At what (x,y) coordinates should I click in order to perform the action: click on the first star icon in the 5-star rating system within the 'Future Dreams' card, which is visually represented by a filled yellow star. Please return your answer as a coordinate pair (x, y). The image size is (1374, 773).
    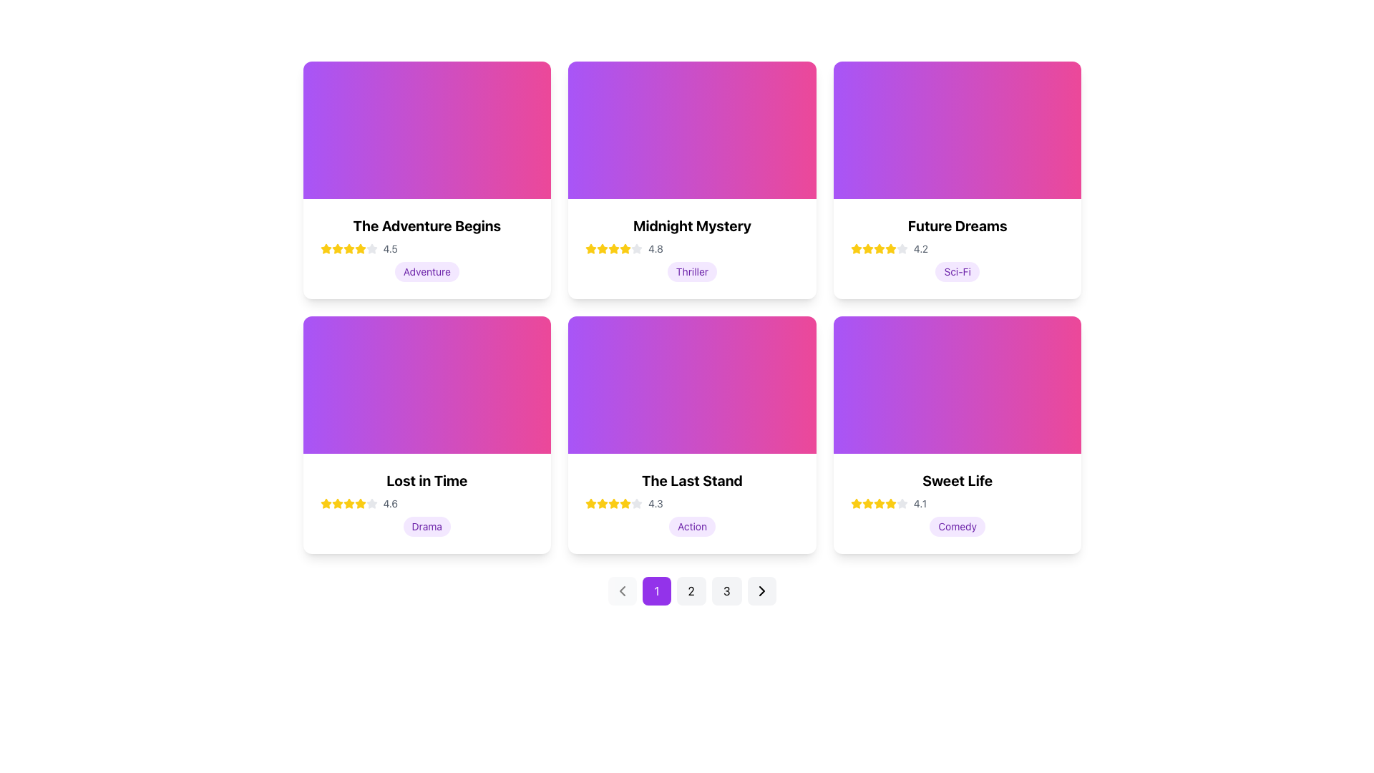
    Looking at the image, I should click on (856, 248).